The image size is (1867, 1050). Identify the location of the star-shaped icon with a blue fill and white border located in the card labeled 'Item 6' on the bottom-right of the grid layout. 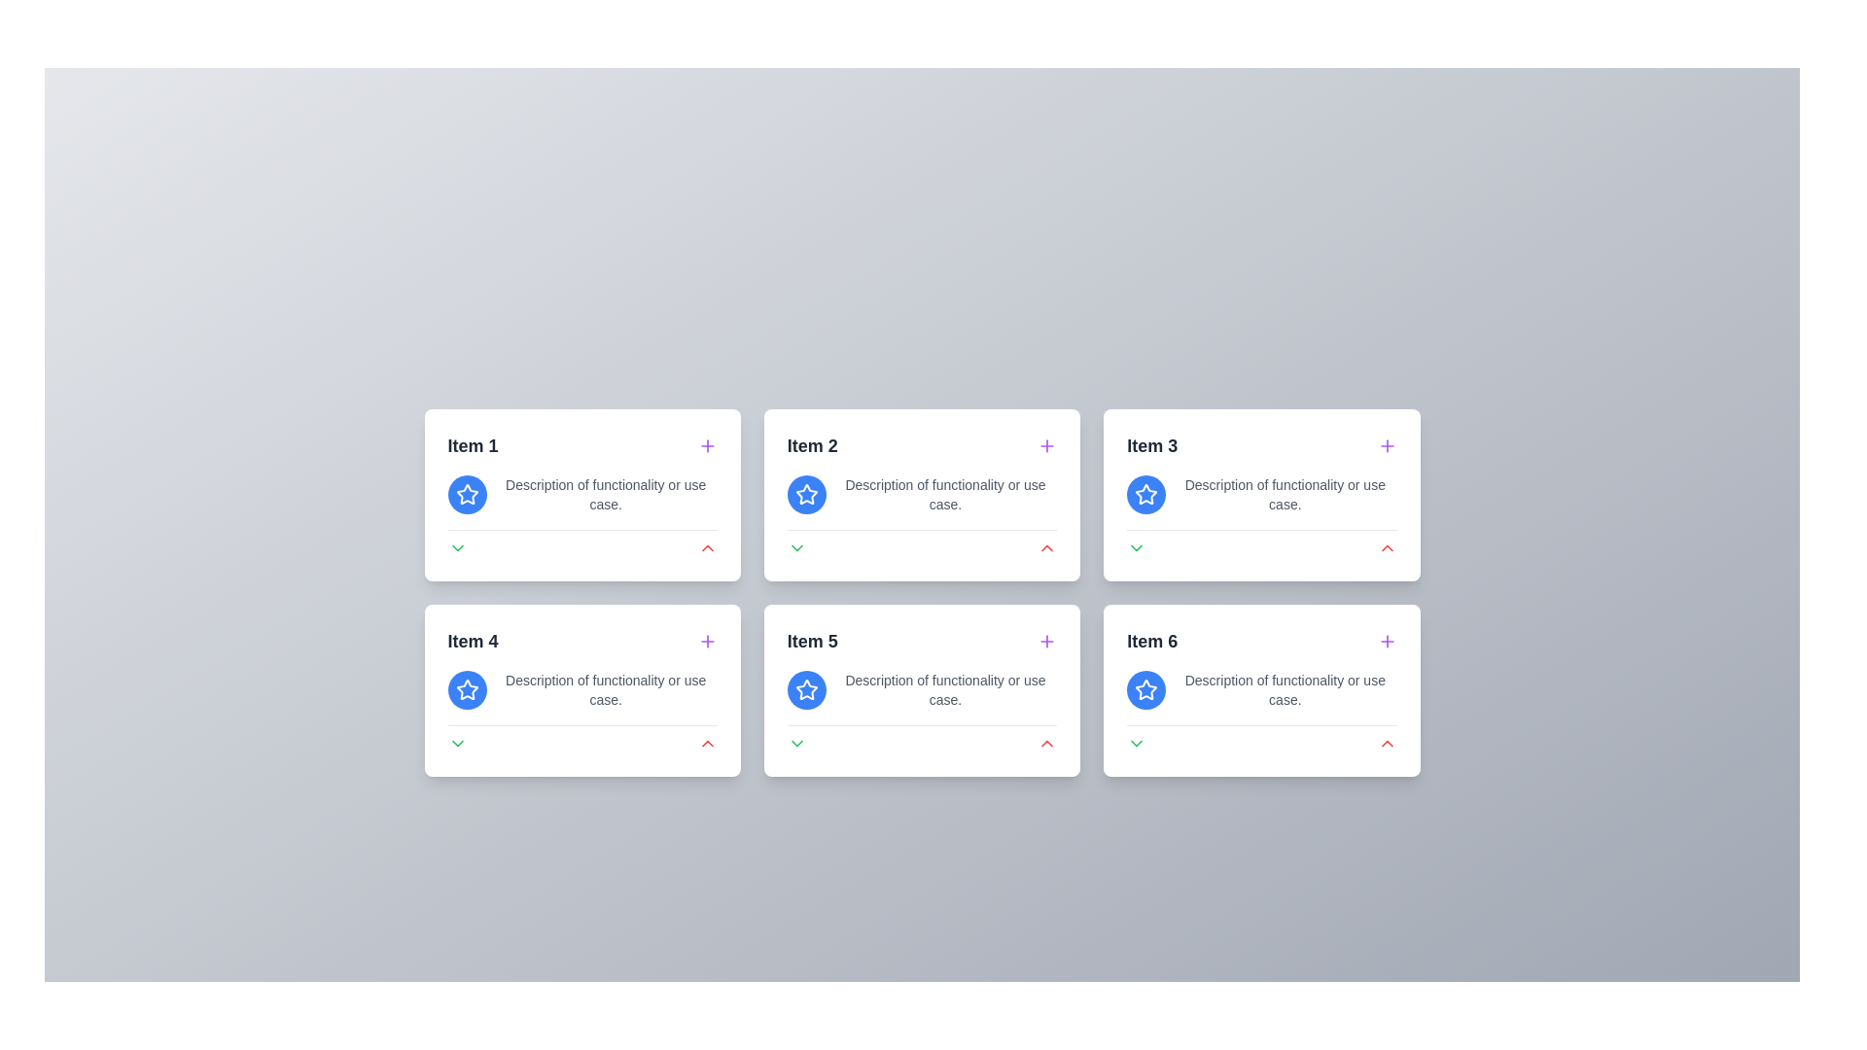
(1146, 688).